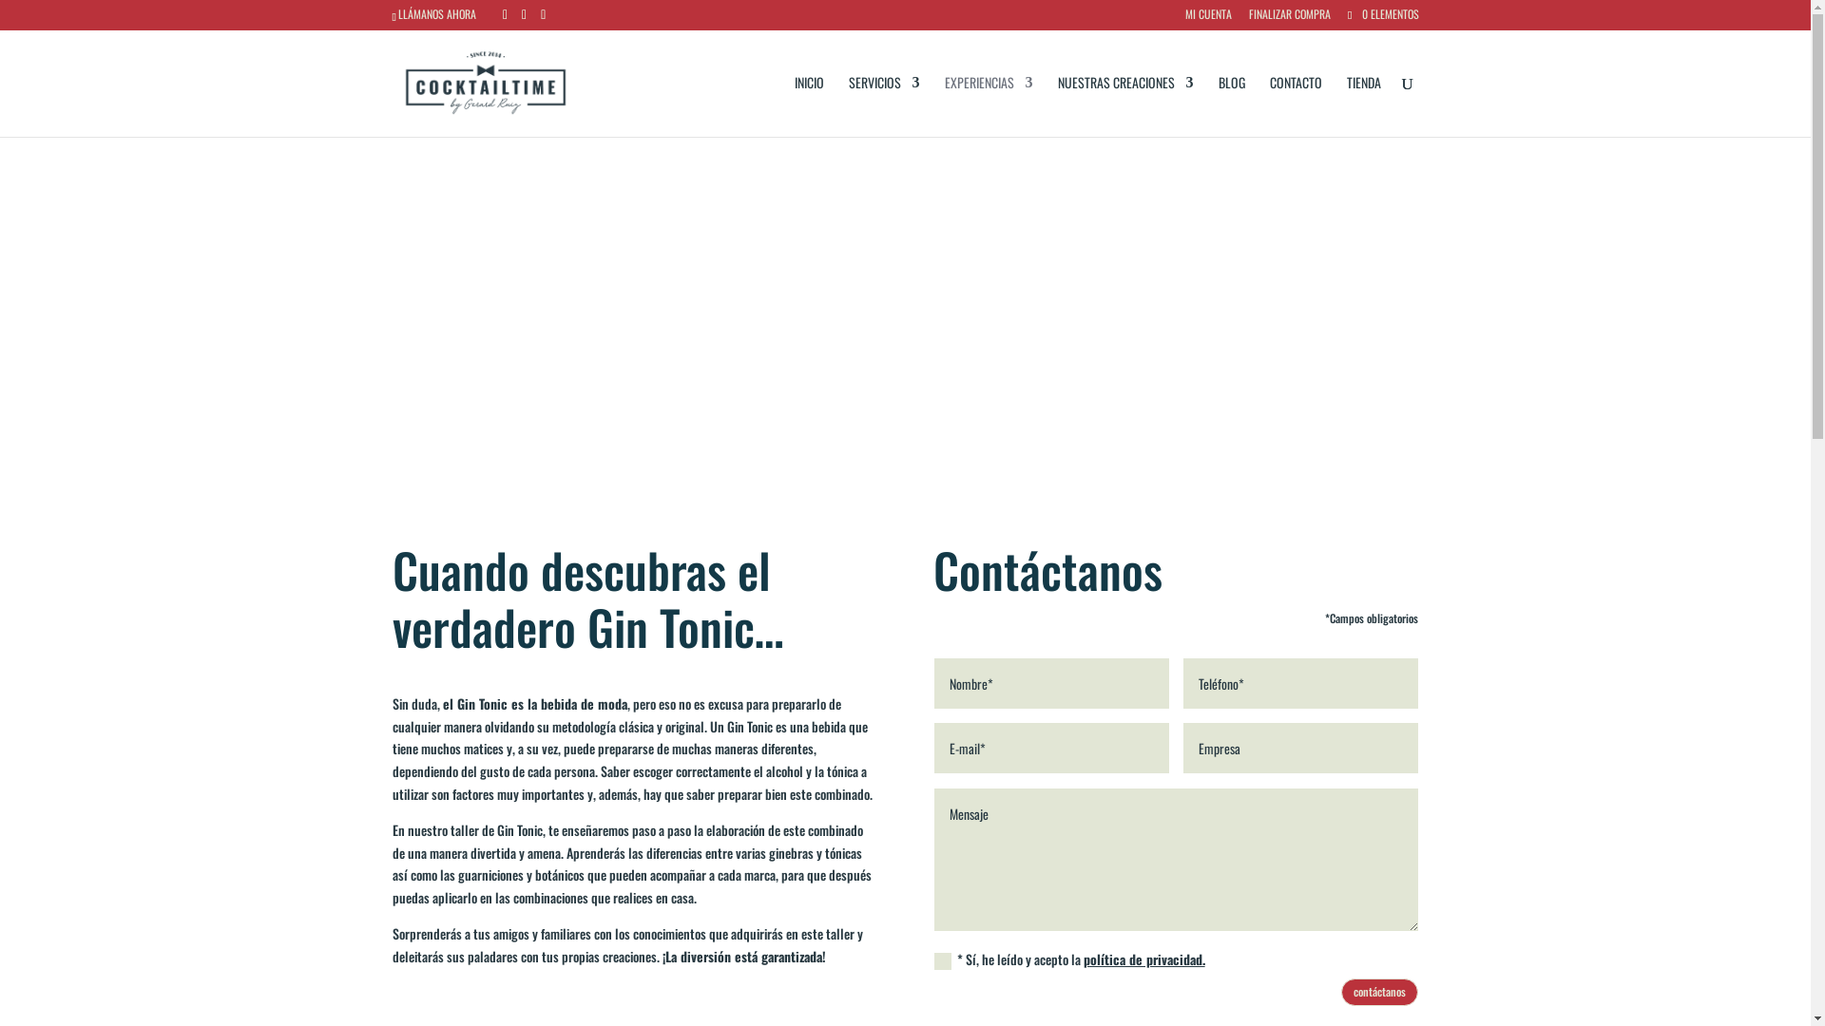  I want to click on 'BLOG', so click(1218, 105).